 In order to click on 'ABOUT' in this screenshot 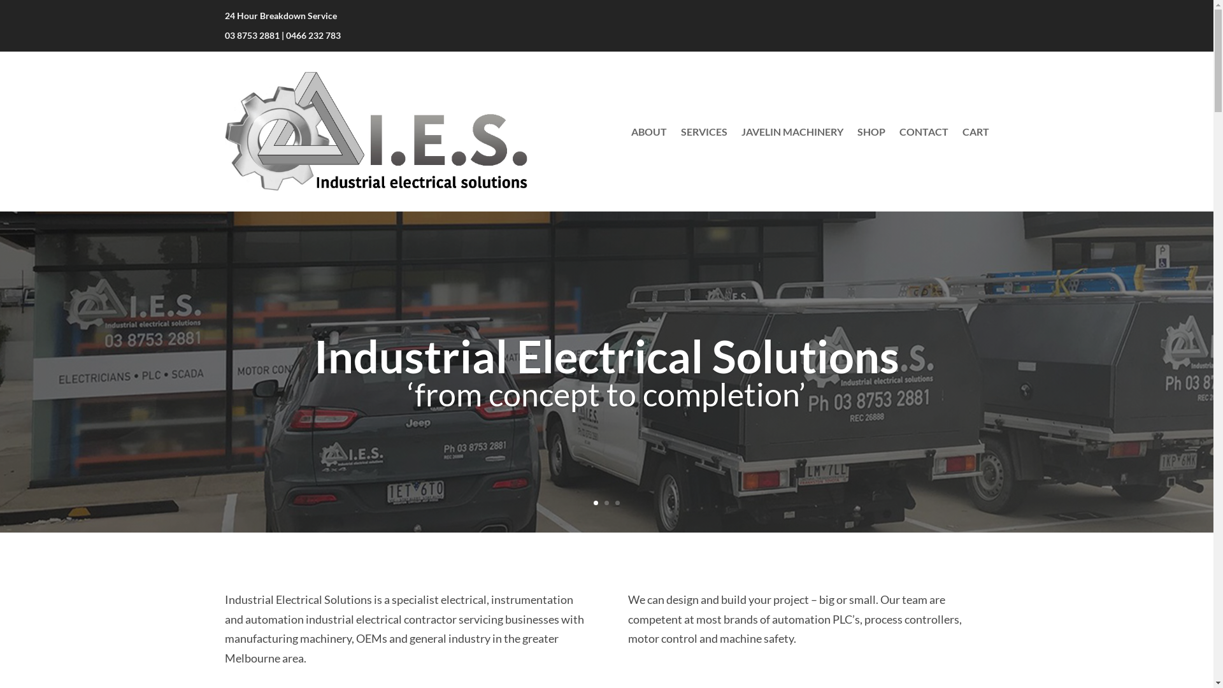, I will do `click(648, 131)`.